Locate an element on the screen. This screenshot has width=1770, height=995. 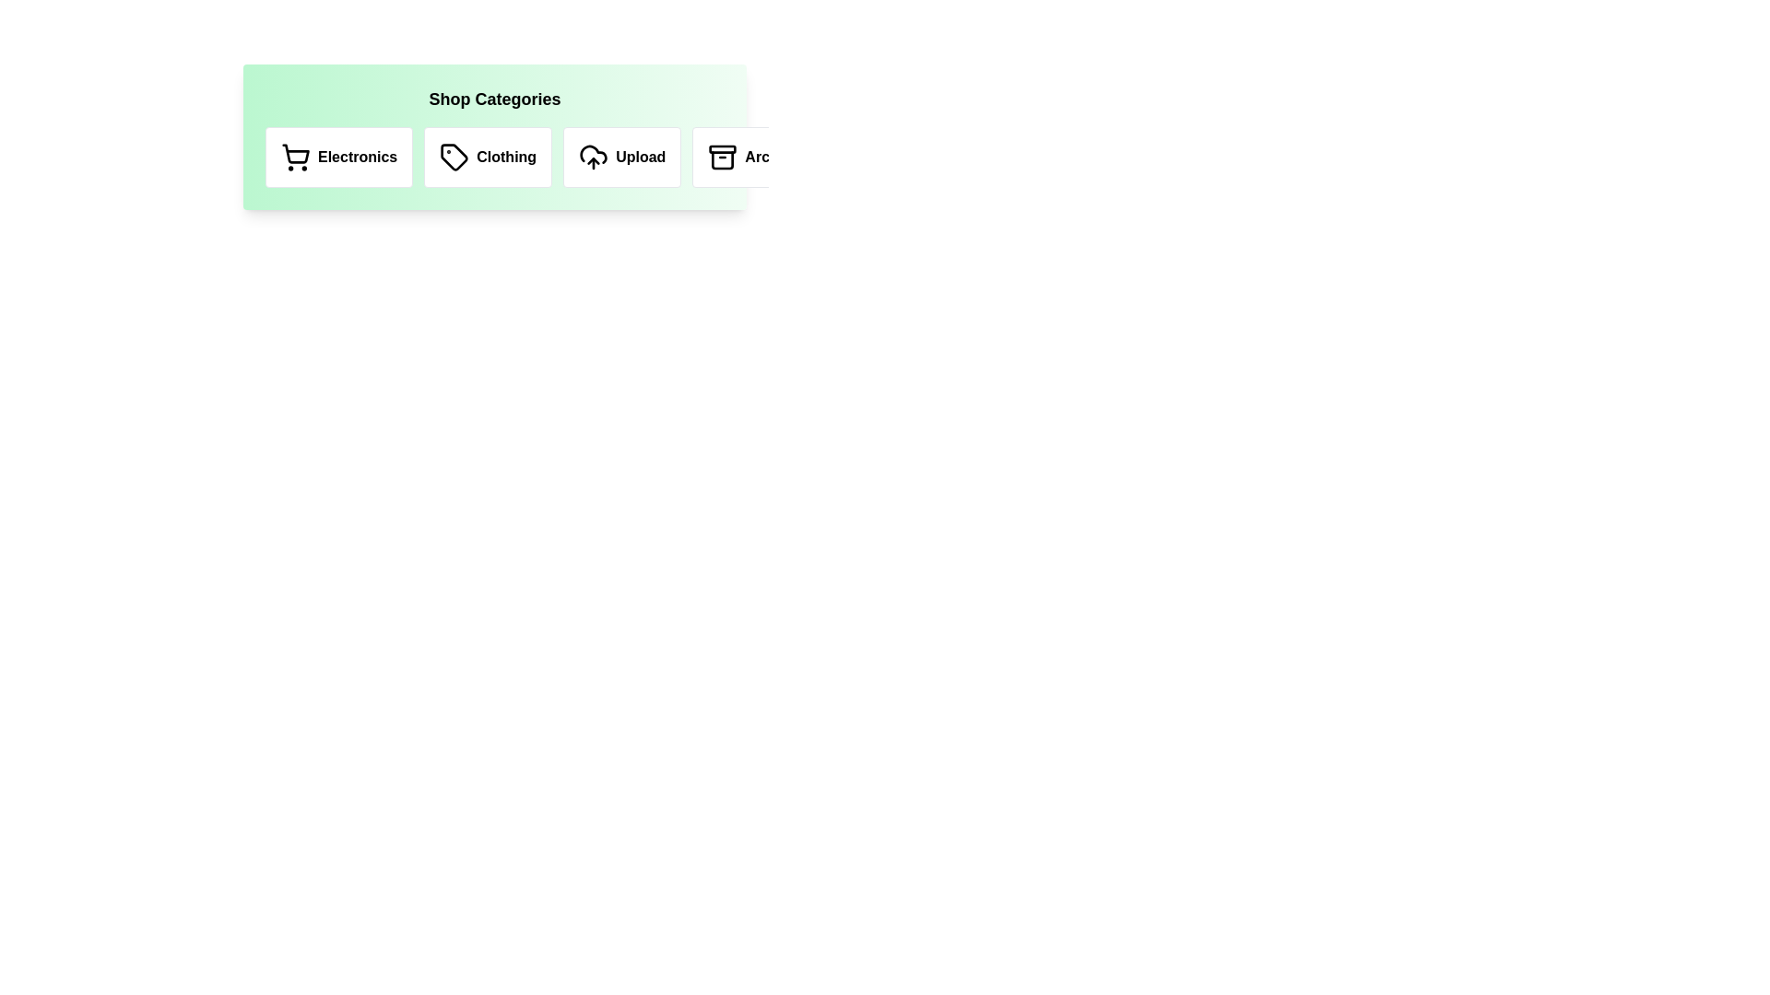
the Electronics category icon to trigger its hover effect is located at coordinates (339, 156).